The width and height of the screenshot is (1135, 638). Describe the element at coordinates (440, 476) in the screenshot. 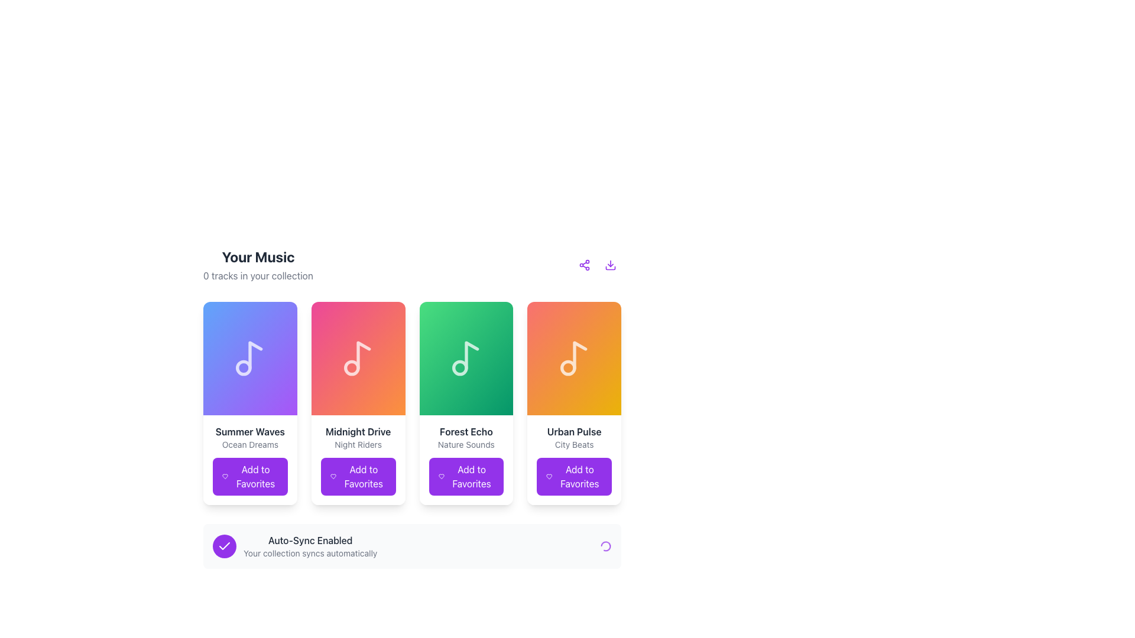

I see `the 'Add to Favorites' button which contains a small heart icon on the left side of the text 'Add to Favorites'` at that location.